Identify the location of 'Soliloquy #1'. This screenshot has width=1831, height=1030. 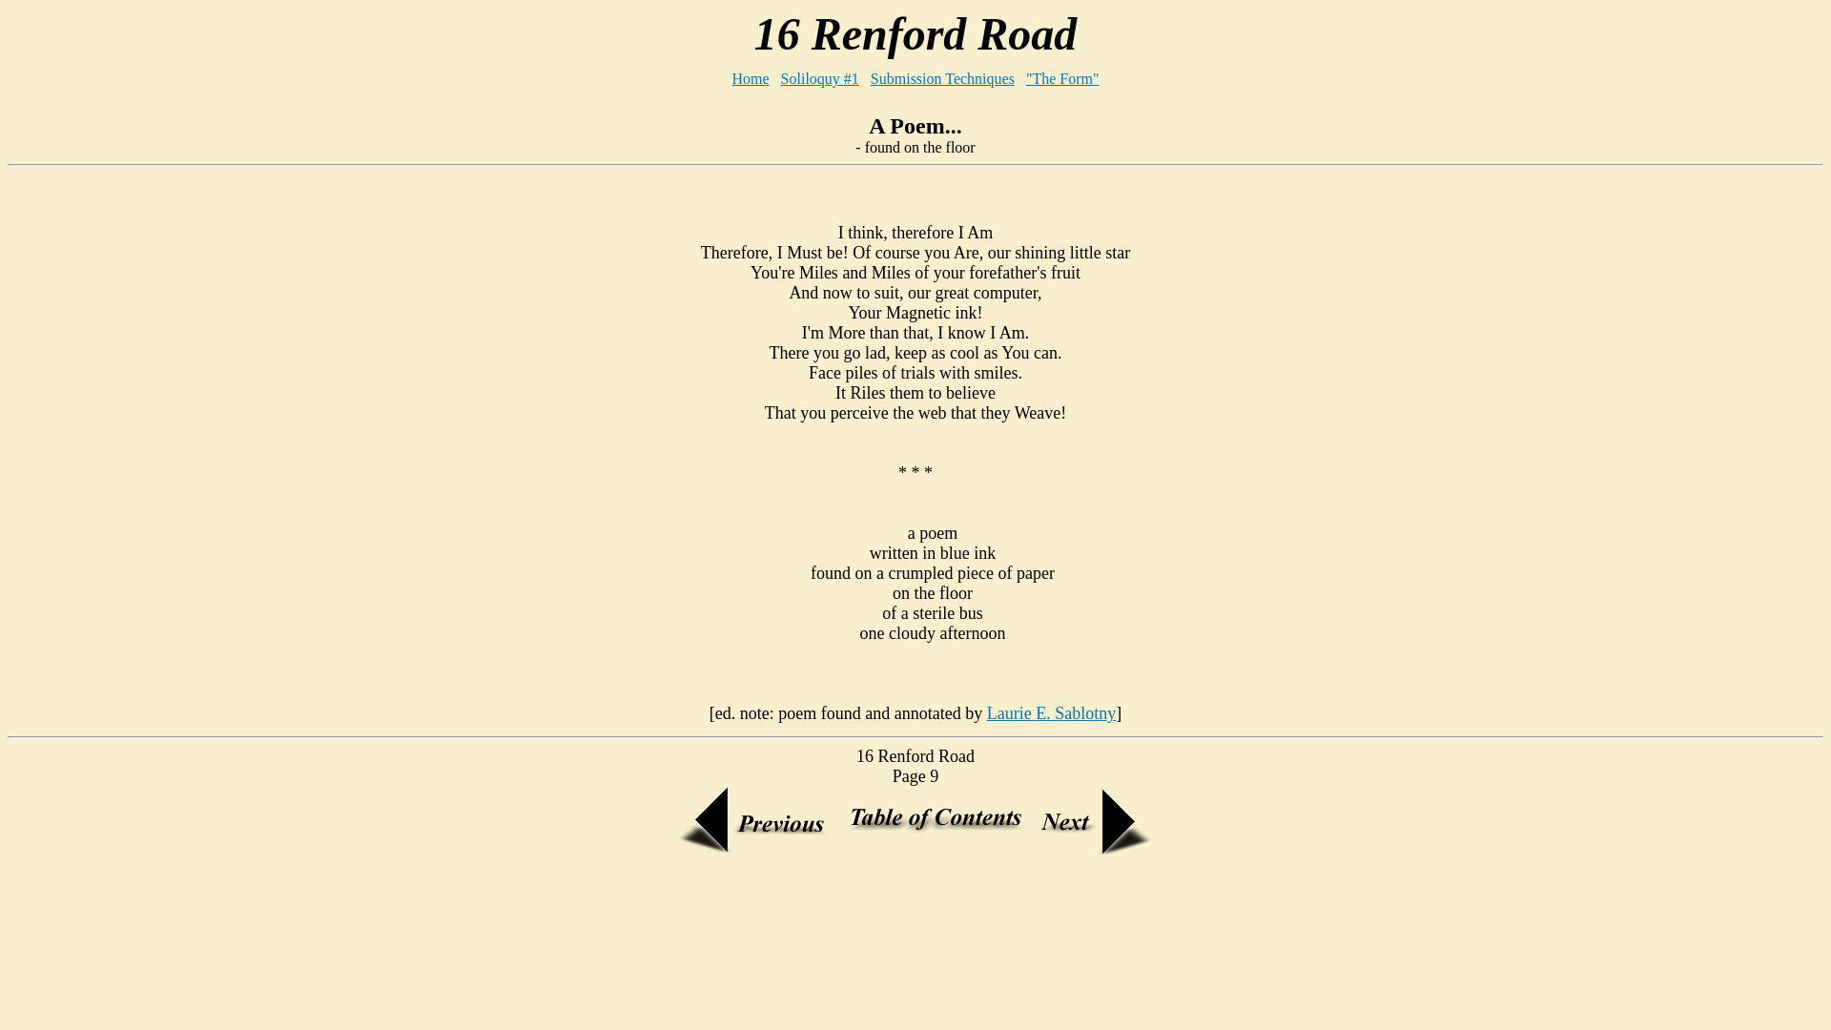
(819, 77).